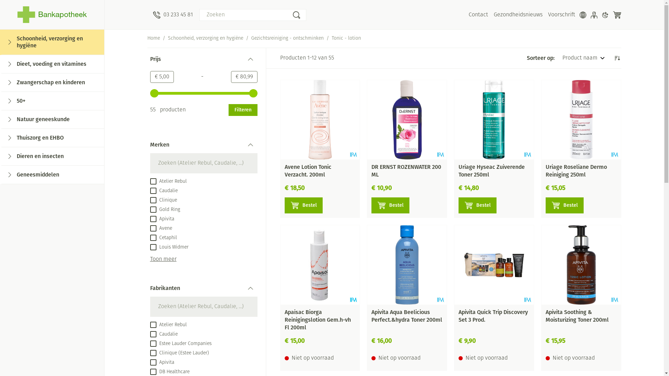 The image size is (669, 376). What do you see at coordinates (319, 119) in the screenshot?
I see `'Avene Lotion Tonic Verzacht. 200ml'` at bounding box center [319, 119].